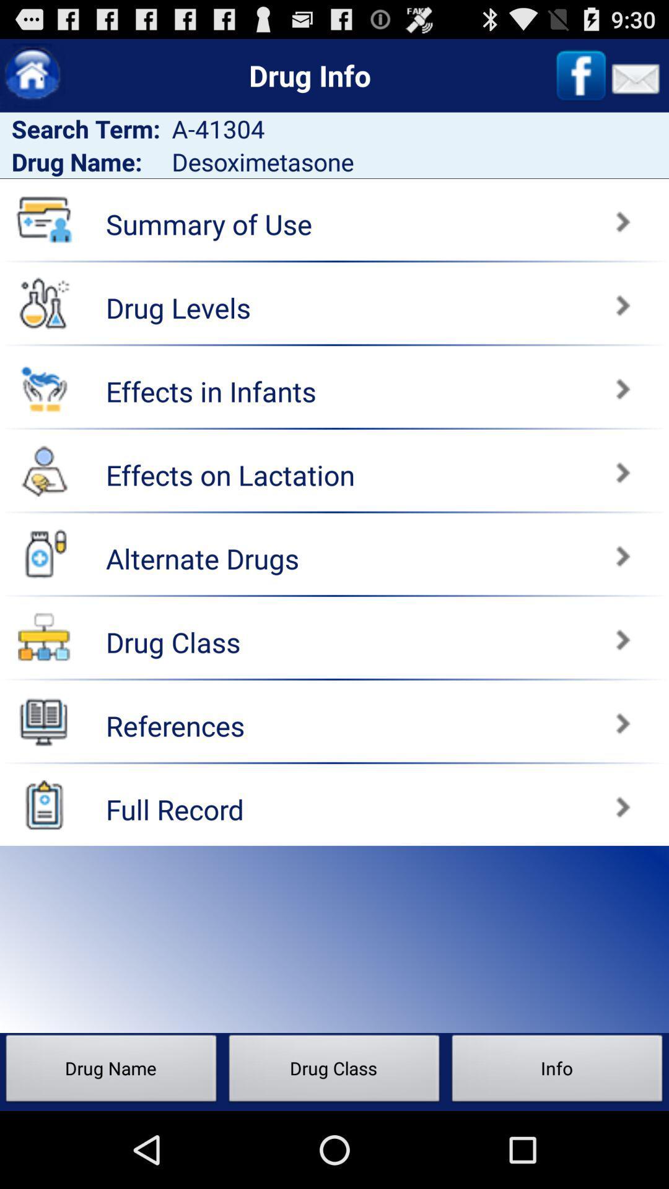  Describe the element at coordinates (581, 75) in the screenshot. I see `facebook` at that location.